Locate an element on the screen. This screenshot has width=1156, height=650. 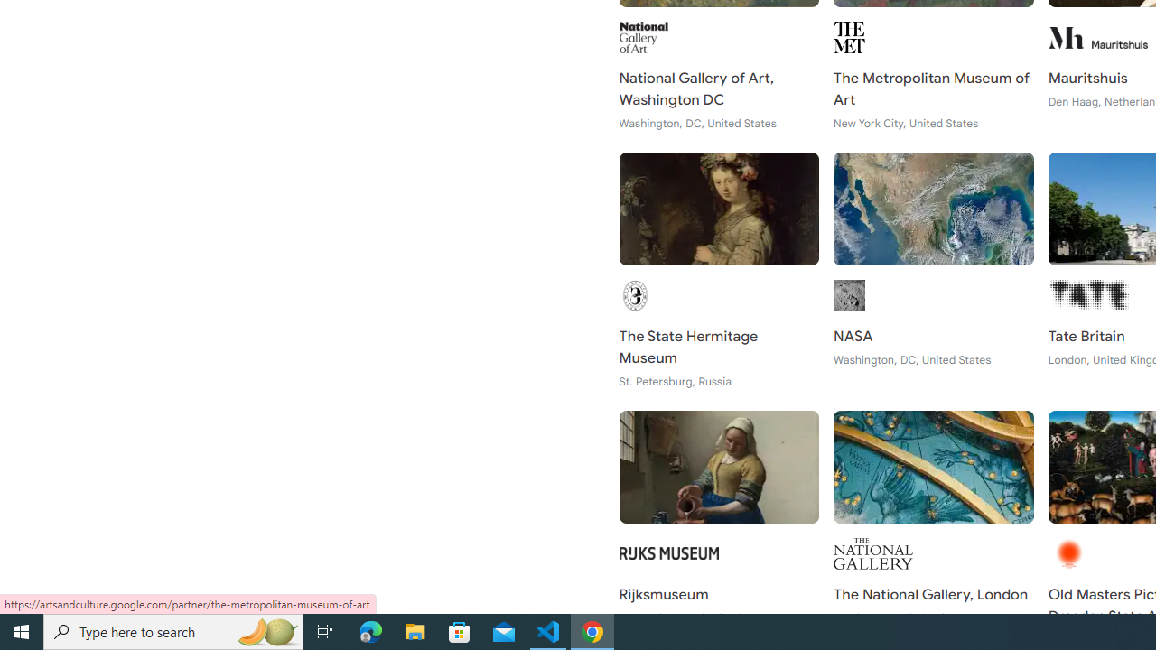
'The State Hermitage Museum St. Petersburg, Russia' is located at coordinates (718, 271).